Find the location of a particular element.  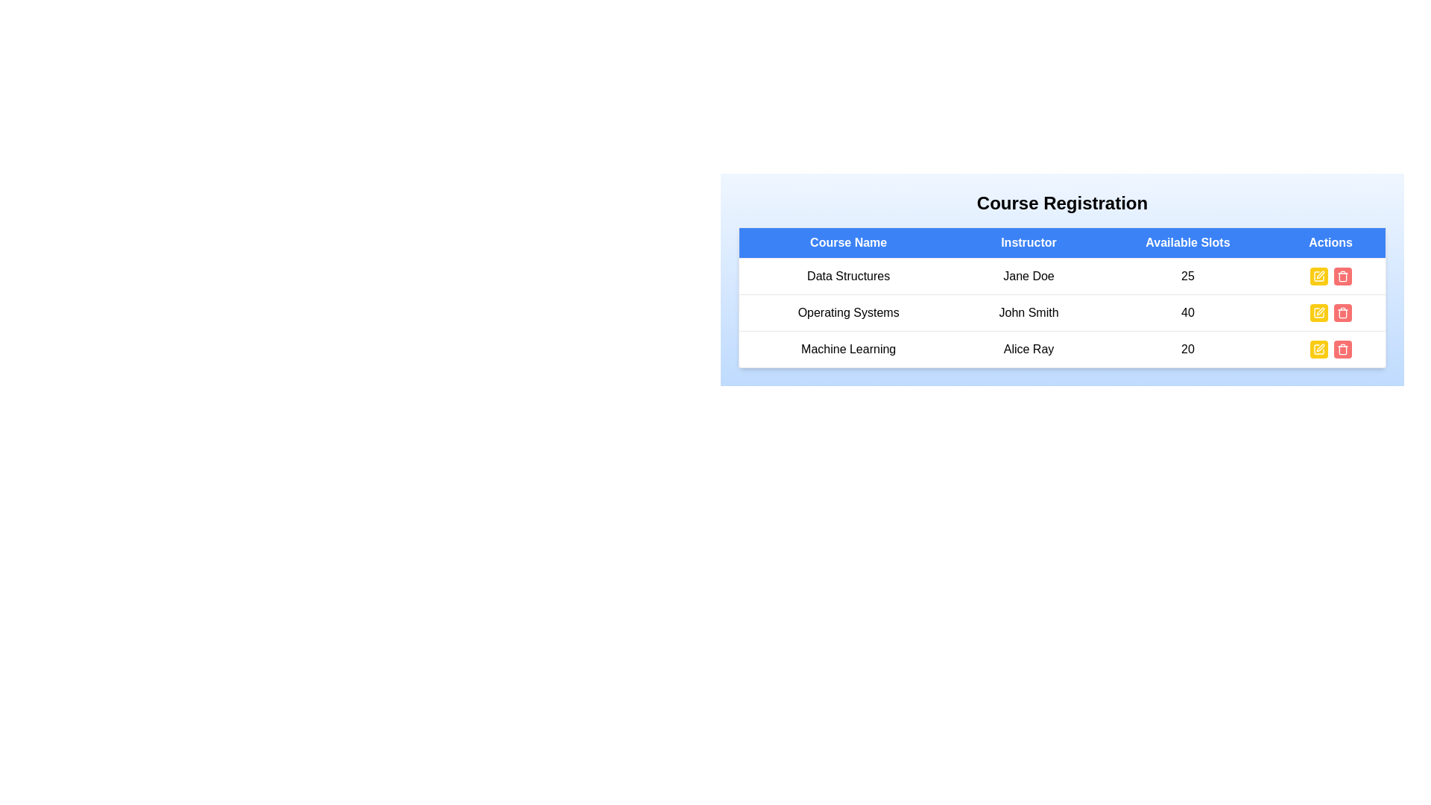

the header column 'Instructor' to sort the table by that column is located at coordinates (1028, 242).